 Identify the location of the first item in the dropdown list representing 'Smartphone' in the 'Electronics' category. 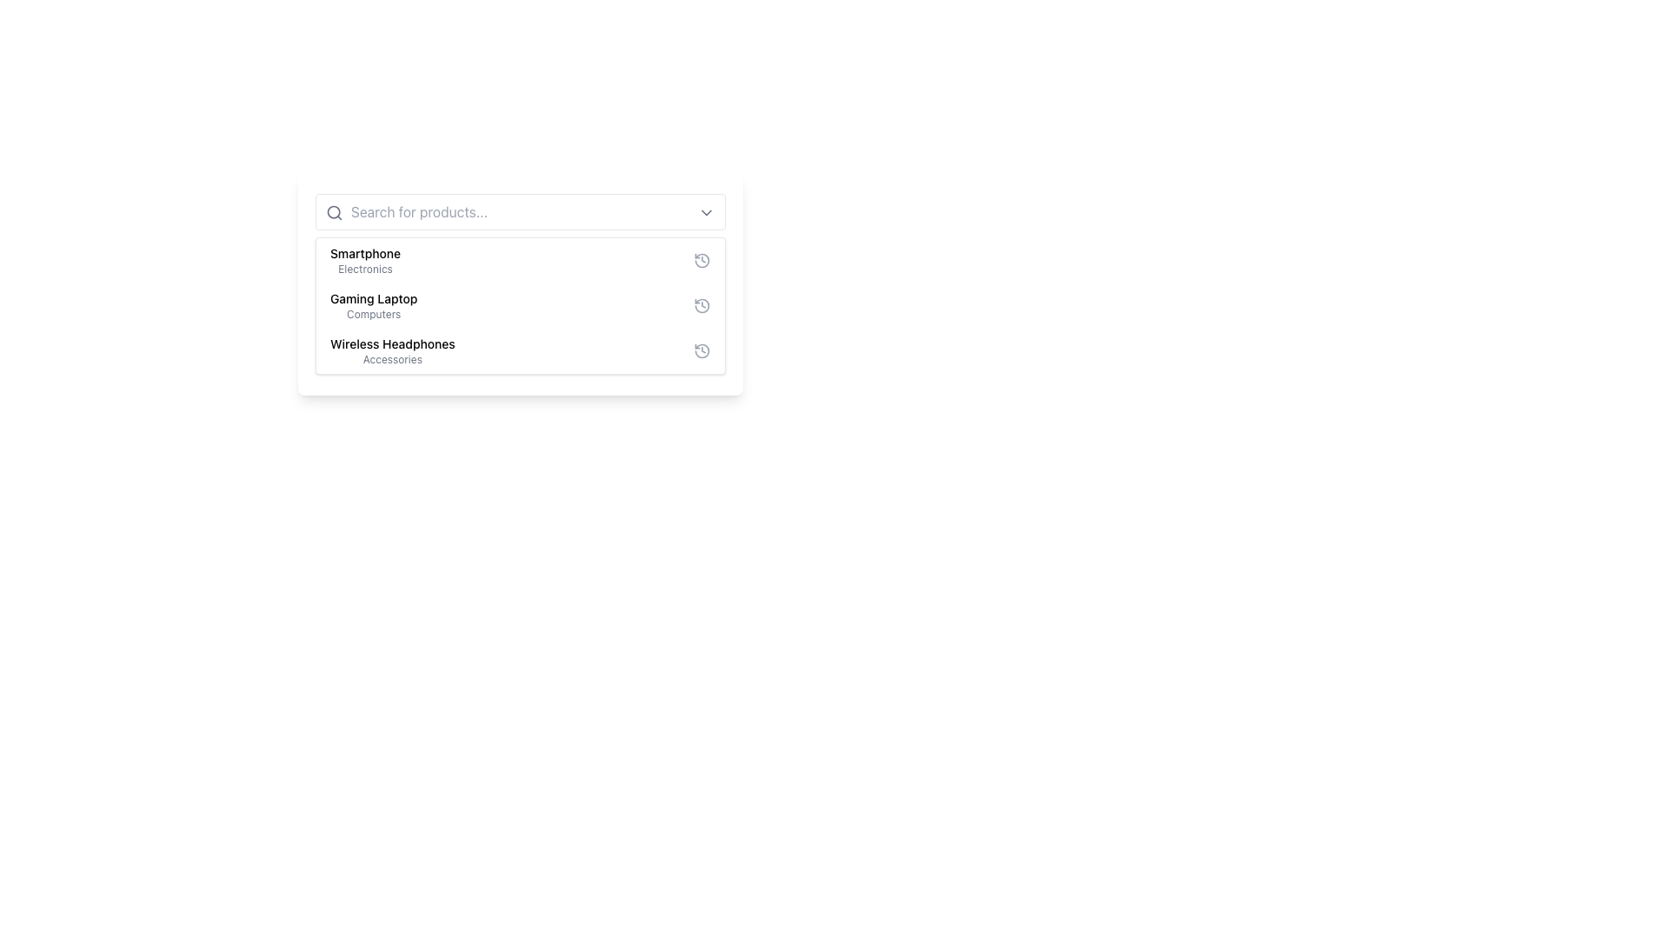
(364, 261).